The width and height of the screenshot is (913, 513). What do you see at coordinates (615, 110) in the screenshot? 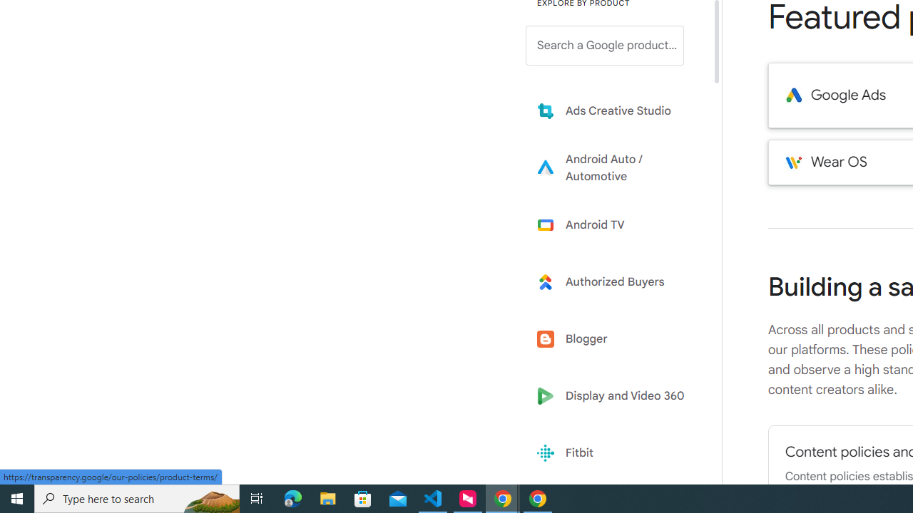
I see `'Learn more about Ads Creative Studio'` at bounding box center [615, 110].